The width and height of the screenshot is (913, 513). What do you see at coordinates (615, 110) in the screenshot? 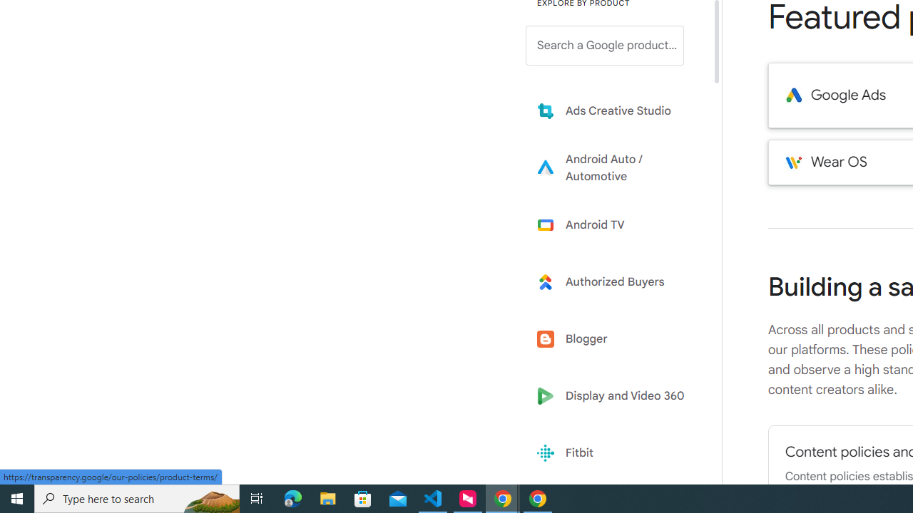
I see `'Learn more about Ads Creative Studio'` at bounding box center [615, 110].